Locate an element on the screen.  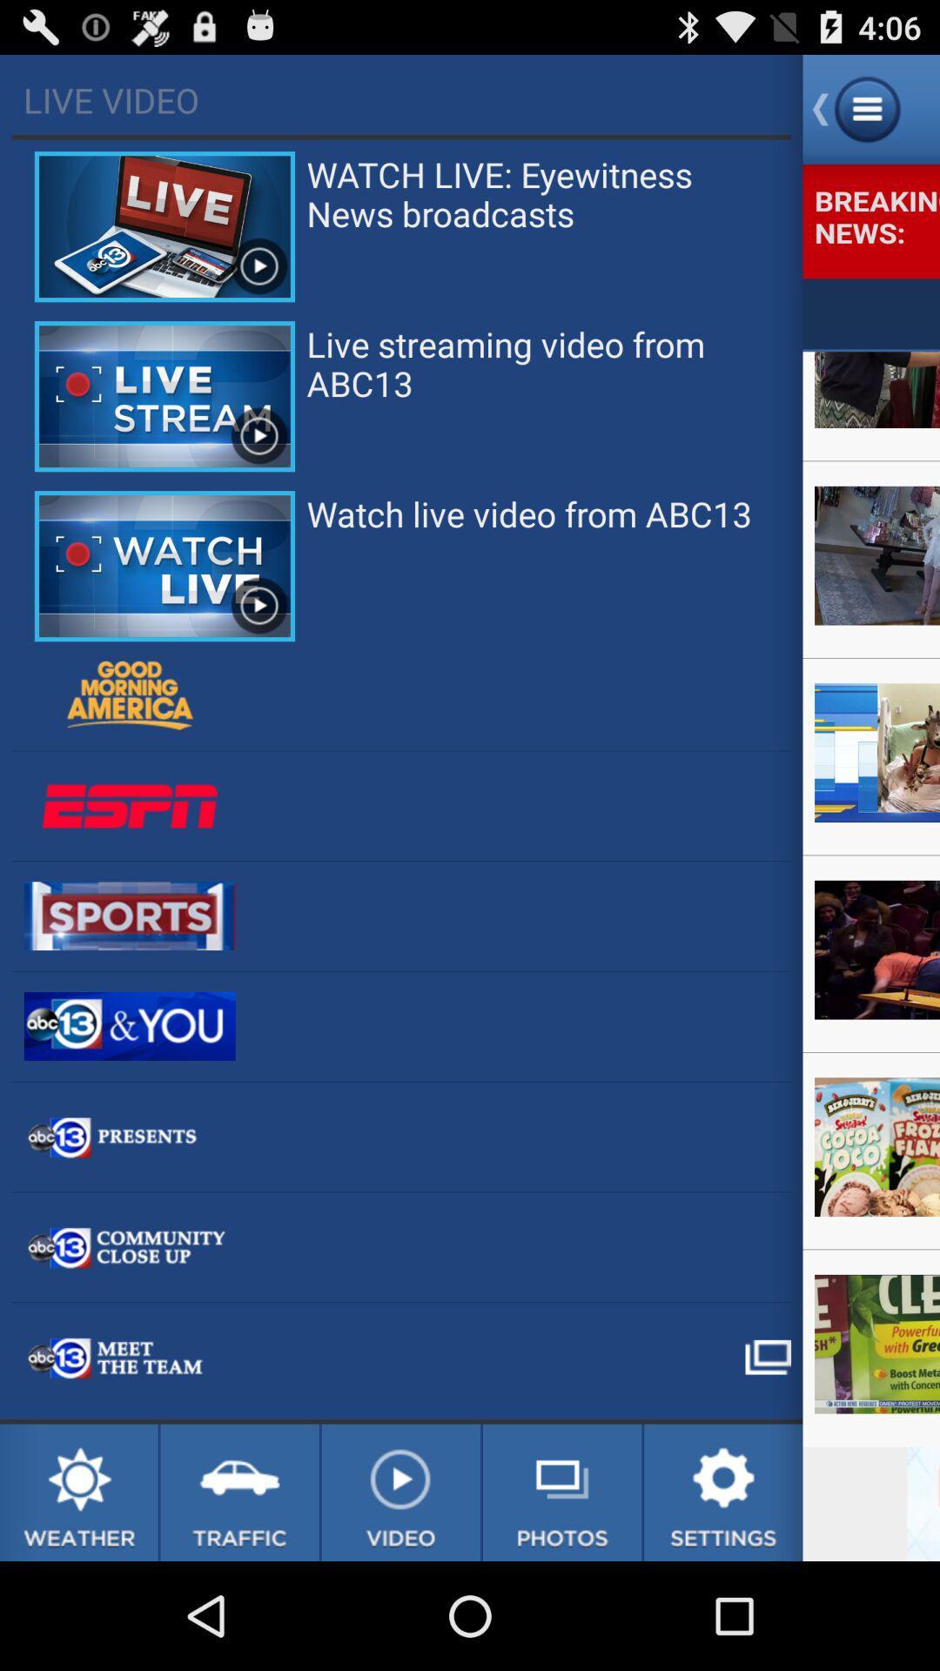
weather page is located at coordinates (78, 1492).